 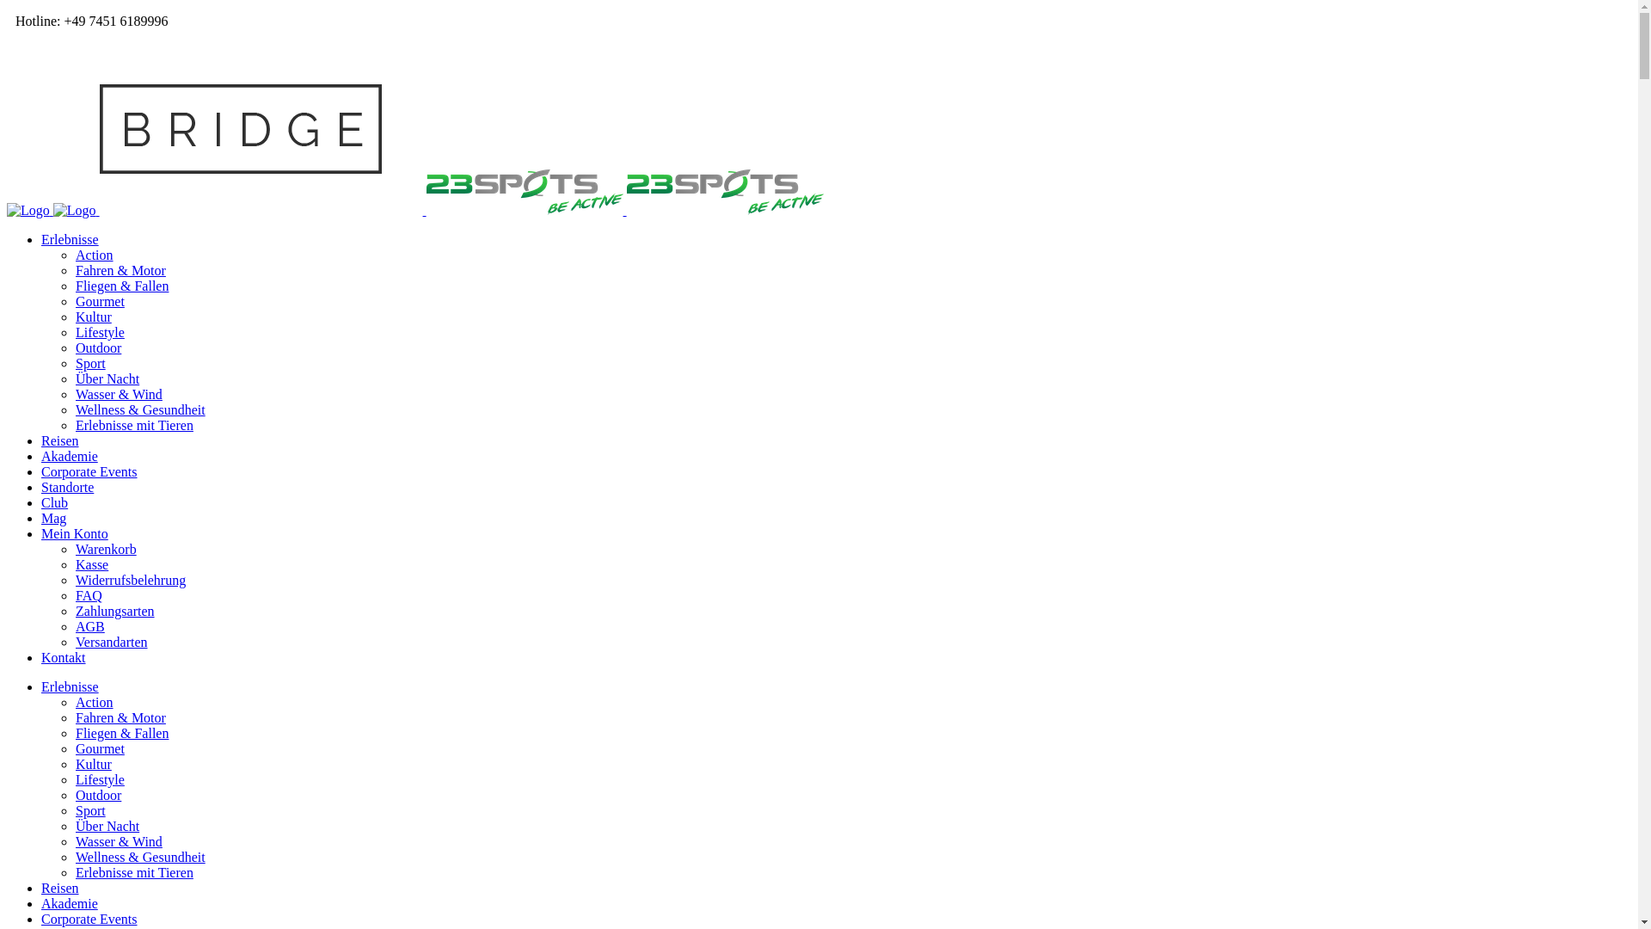 What do you see at coordinates (74, 702) in the screenshot?
I see `'Action'` at bounding box center [74, 702].